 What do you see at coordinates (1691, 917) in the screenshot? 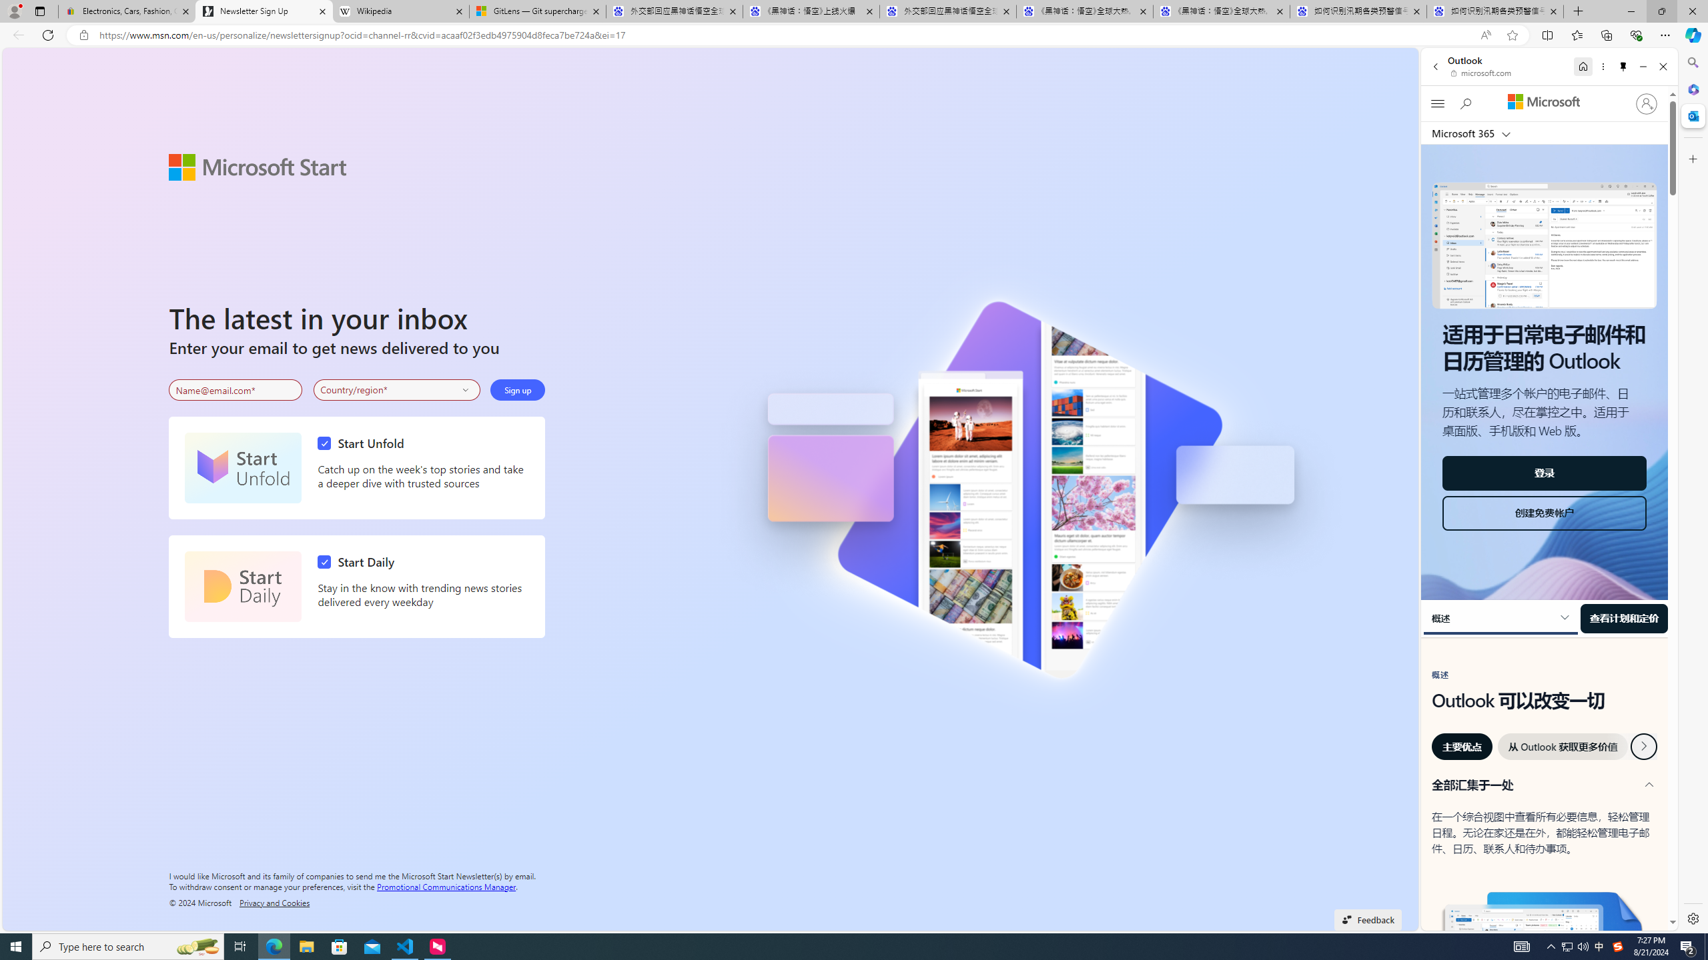
I see `'Settings'` at bounding box center [1691, 917].